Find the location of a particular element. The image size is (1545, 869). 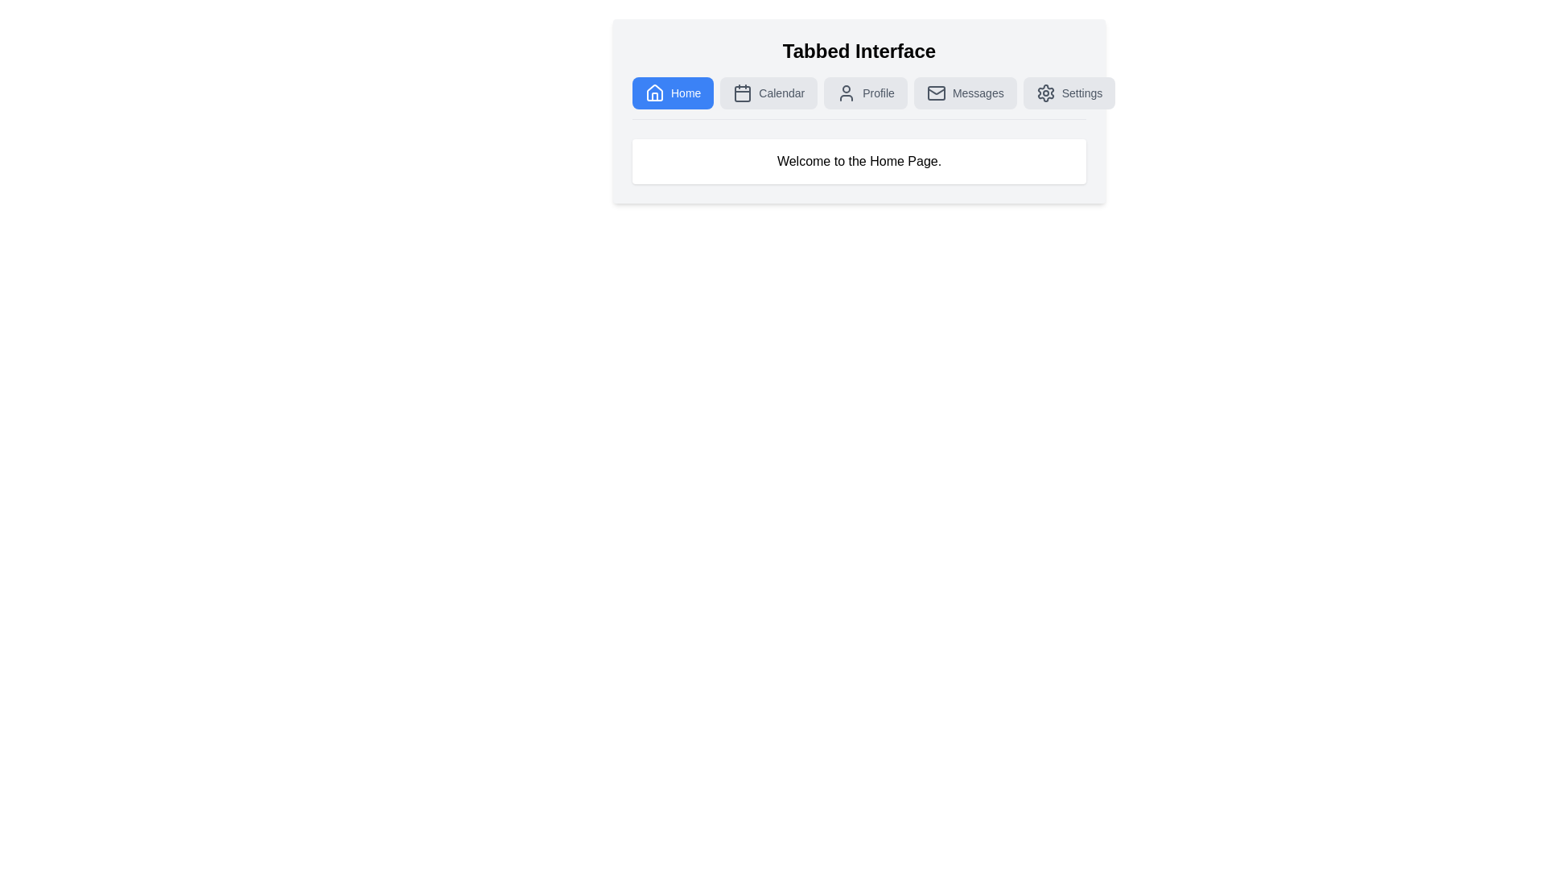

the rounded rectangular 'Home' button with a blue background and white text is located at coordinates (673, 93).